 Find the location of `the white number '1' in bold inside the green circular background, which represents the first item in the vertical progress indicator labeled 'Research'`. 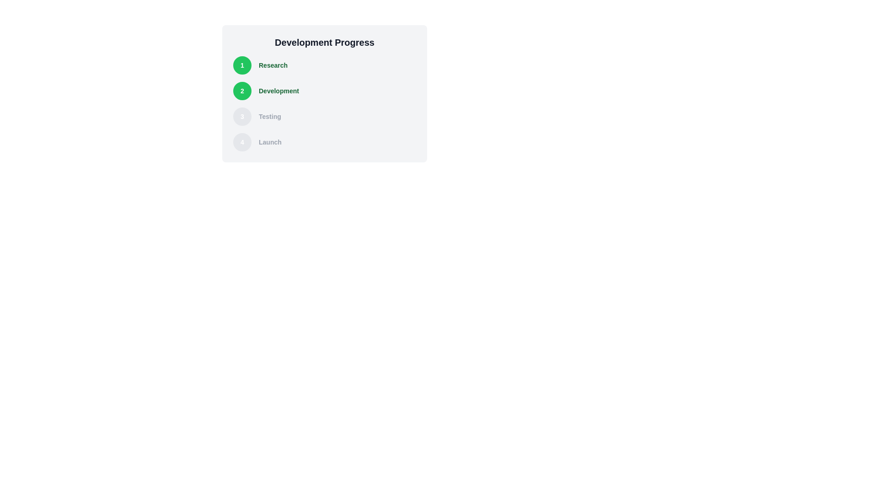

the white number '1' in bold inside the green circular background, which represents the first item in the vertical progress indicator labeled 'Research' is located at coordinates (242, 64).